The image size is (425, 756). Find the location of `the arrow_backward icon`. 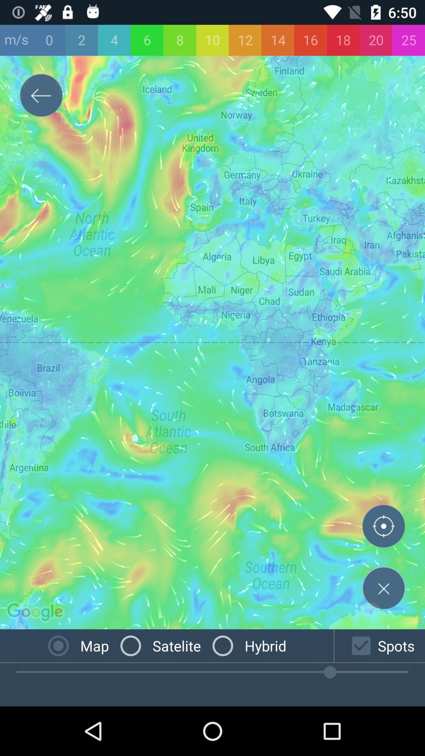

the arrow_backward icon is located at coordinates (41, 96).